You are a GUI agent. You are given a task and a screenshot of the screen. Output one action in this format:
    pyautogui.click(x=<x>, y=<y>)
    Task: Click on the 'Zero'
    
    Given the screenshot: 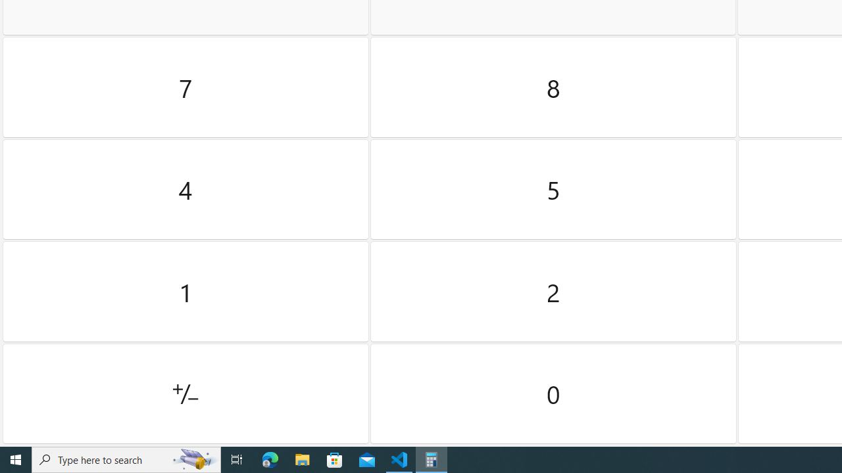 What is the action you would take?
    pyautogui.click(x=553, y=393)
    